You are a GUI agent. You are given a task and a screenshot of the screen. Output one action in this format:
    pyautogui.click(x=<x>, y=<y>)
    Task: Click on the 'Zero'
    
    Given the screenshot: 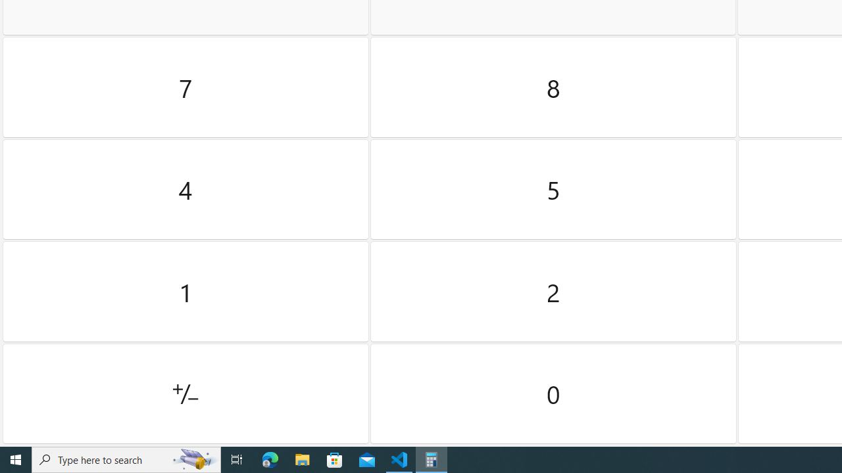 What is the action you would take?
    pyautogui.click(x=553, y=393)
    